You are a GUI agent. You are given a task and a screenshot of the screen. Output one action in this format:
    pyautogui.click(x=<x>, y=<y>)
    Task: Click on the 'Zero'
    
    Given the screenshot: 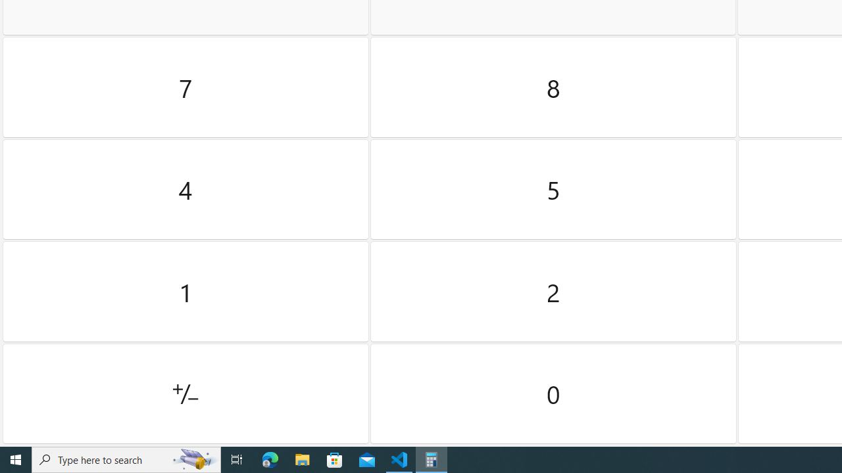 What is the action you would take?
    pyautogui.click(x=553, y=393)
    